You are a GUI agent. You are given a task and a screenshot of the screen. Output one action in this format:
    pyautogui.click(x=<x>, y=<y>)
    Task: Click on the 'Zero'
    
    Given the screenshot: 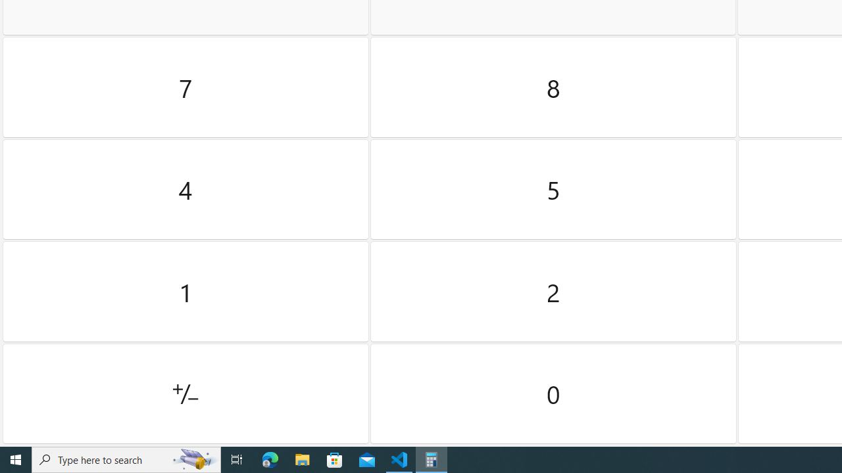 What is the action you would take?
    pyautogui.click(x=553, y=393)
    